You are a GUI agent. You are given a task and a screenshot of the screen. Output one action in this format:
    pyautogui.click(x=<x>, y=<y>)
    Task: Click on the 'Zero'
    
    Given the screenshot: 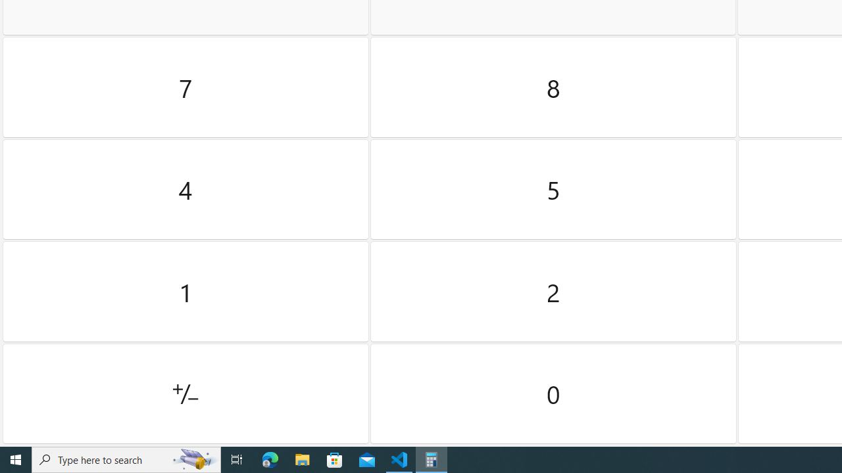 What is the action you would take?
    pyautogui.click(x=553, y=393)
    